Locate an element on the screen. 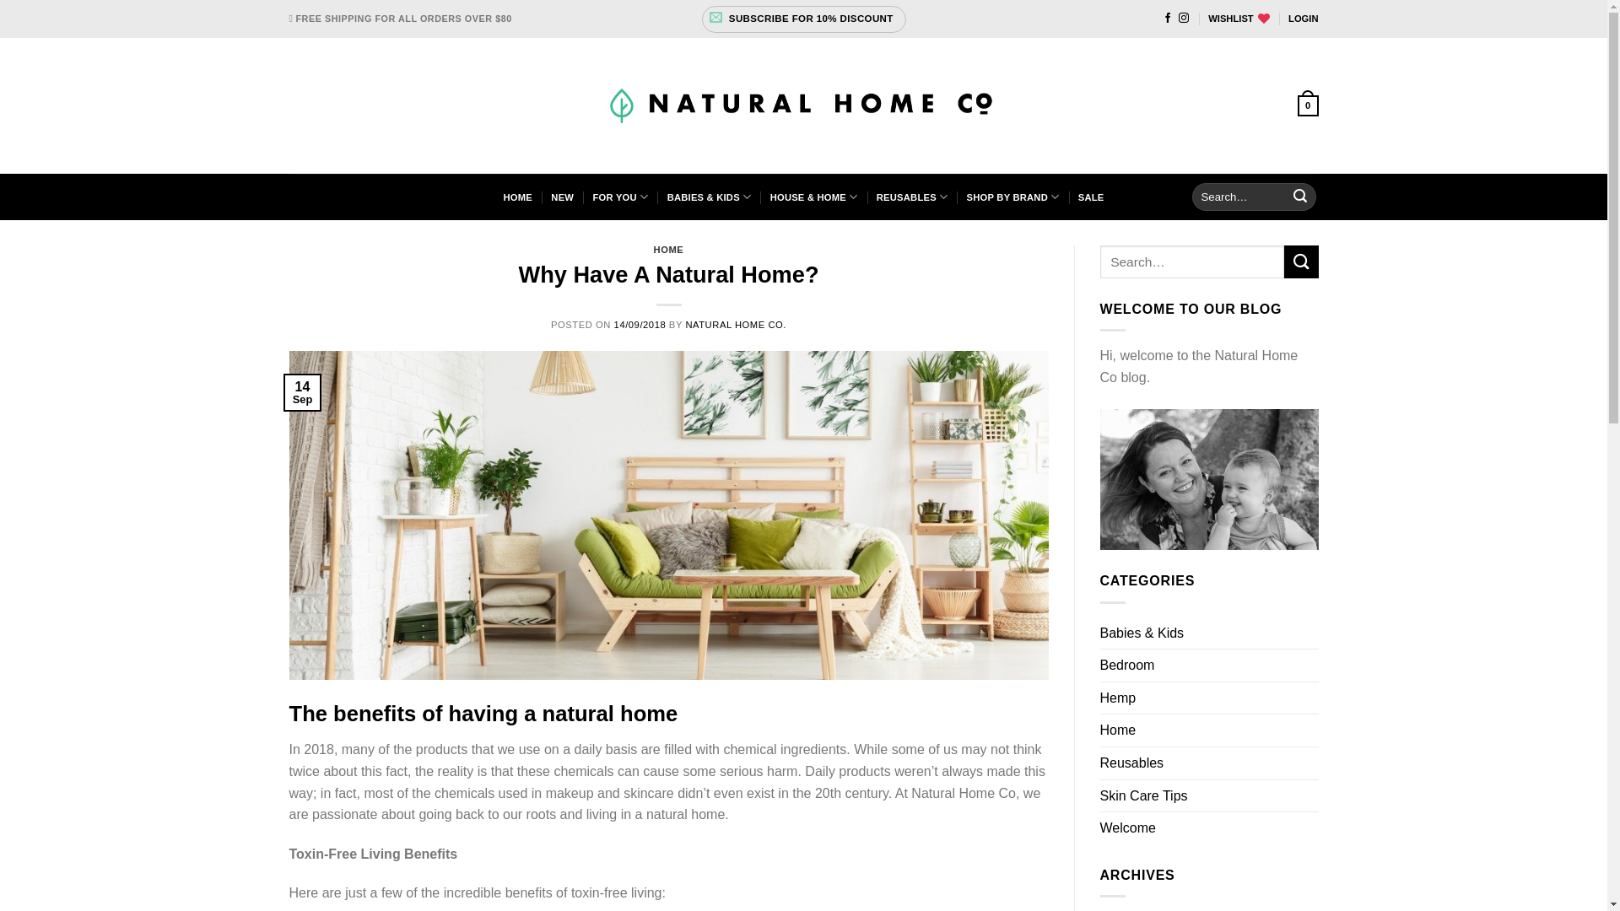 This screenshot has width=1620, height=911. 'FOR YOU' is located at coordinates (618, 196).